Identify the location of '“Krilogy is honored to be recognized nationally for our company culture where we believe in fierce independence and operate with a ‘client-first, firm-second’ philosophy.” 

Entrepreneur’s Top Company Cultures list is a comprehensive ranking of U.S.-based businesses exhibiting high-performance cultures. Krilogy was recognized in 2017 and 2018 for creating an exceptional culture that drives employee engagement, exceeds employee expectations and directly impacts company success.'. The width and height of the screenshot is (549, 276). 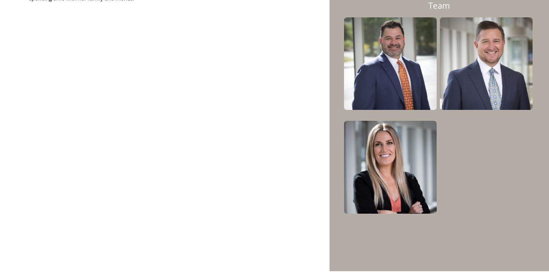
(334, 153).